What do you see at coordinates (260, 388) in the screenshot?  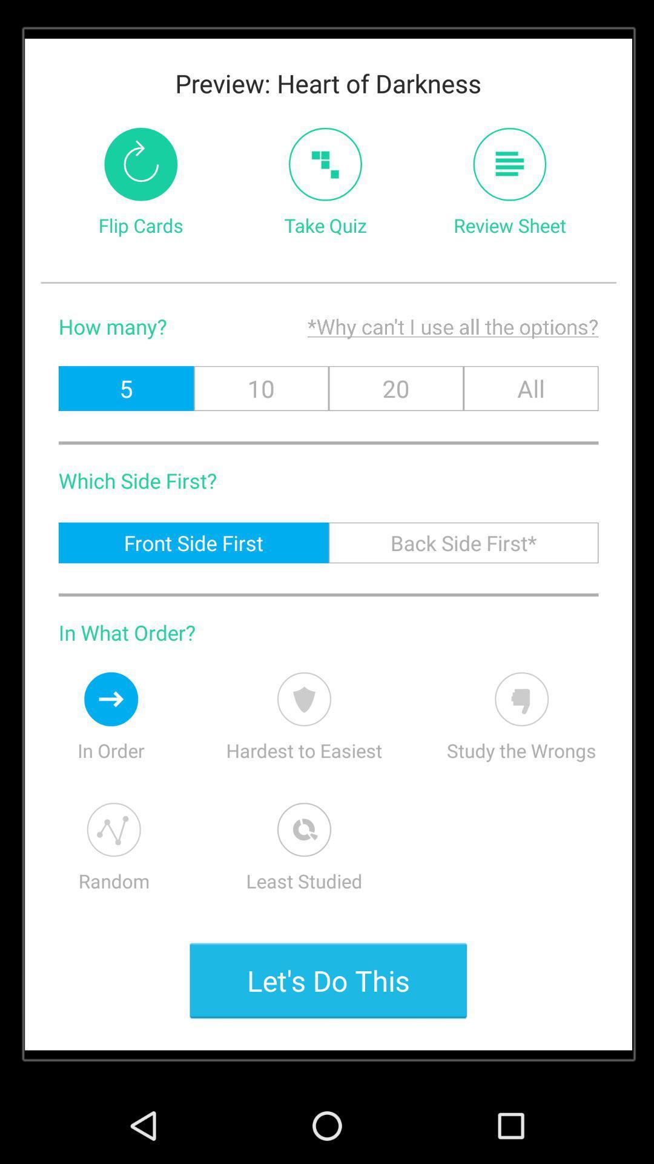 I see `the icon below why can t item` at bounding box center [260, 388].